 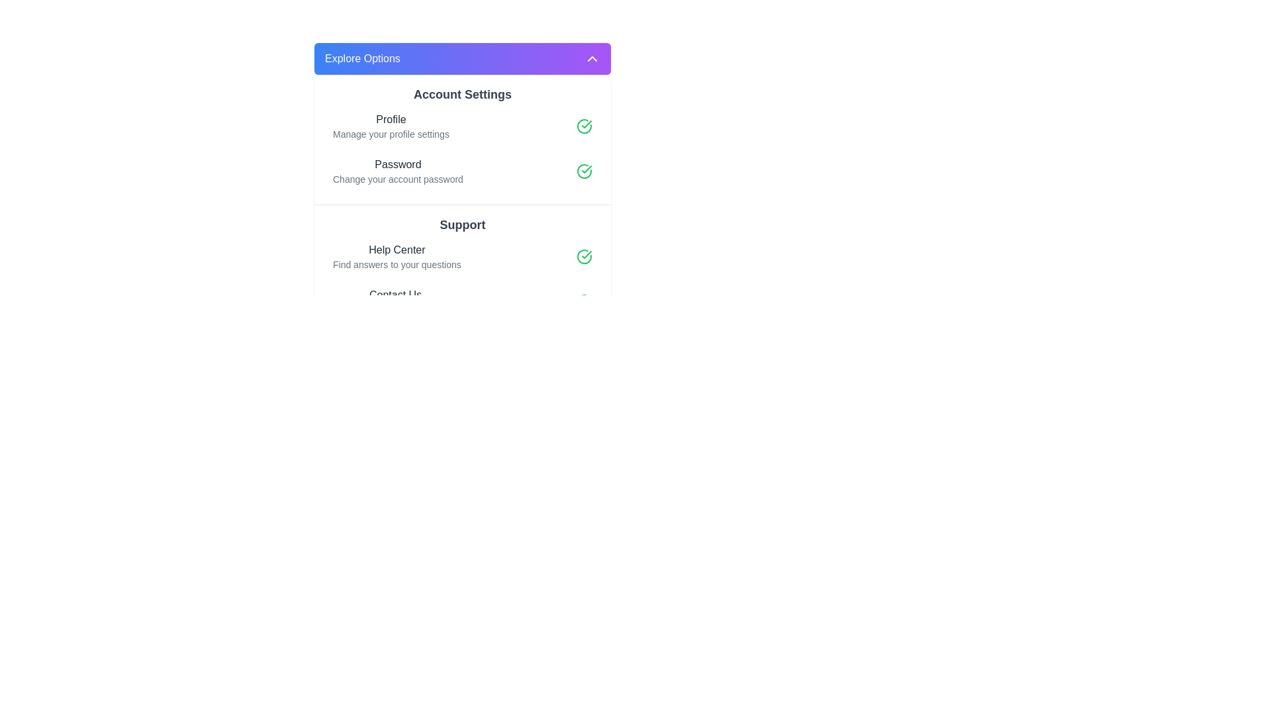 What do you see at coordinates (397, 164) in the screenshot?
I see `the 'Password' text label in the 'Account Settings' section, which is styled with medium font weight and grayish-black color, located centrally above the 'Change your account password' description` at bounding box center [397, 164].